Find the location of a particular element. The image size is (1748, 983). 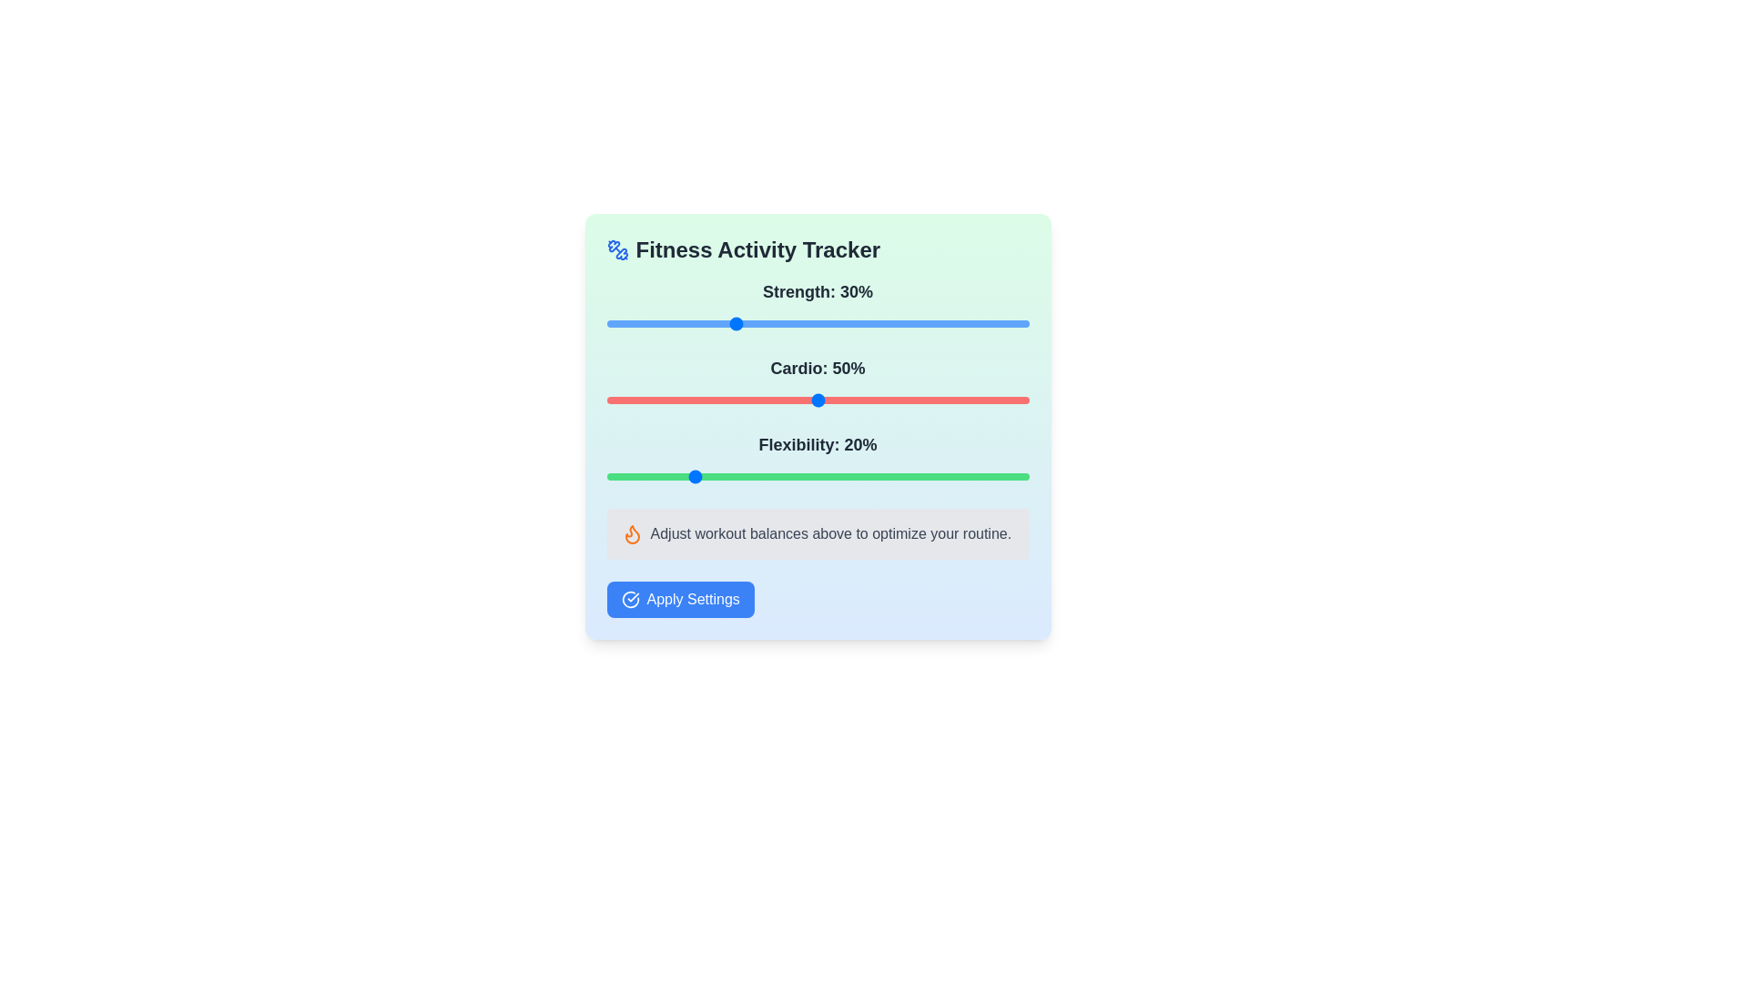

the strength value is located at coordinates (724, 322).